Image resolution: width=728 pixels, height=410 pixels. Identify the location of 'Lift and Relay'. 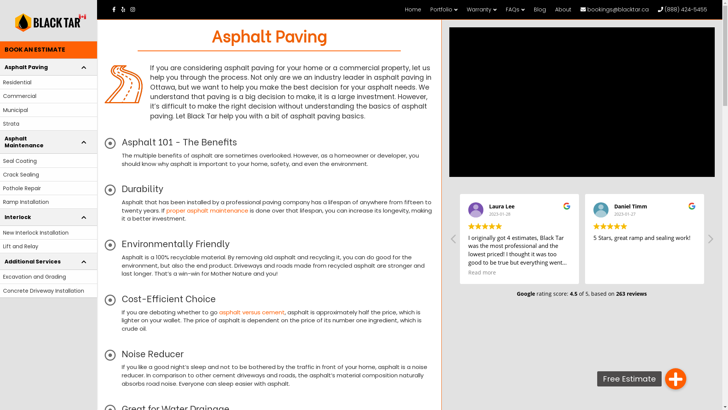
(48, 246).